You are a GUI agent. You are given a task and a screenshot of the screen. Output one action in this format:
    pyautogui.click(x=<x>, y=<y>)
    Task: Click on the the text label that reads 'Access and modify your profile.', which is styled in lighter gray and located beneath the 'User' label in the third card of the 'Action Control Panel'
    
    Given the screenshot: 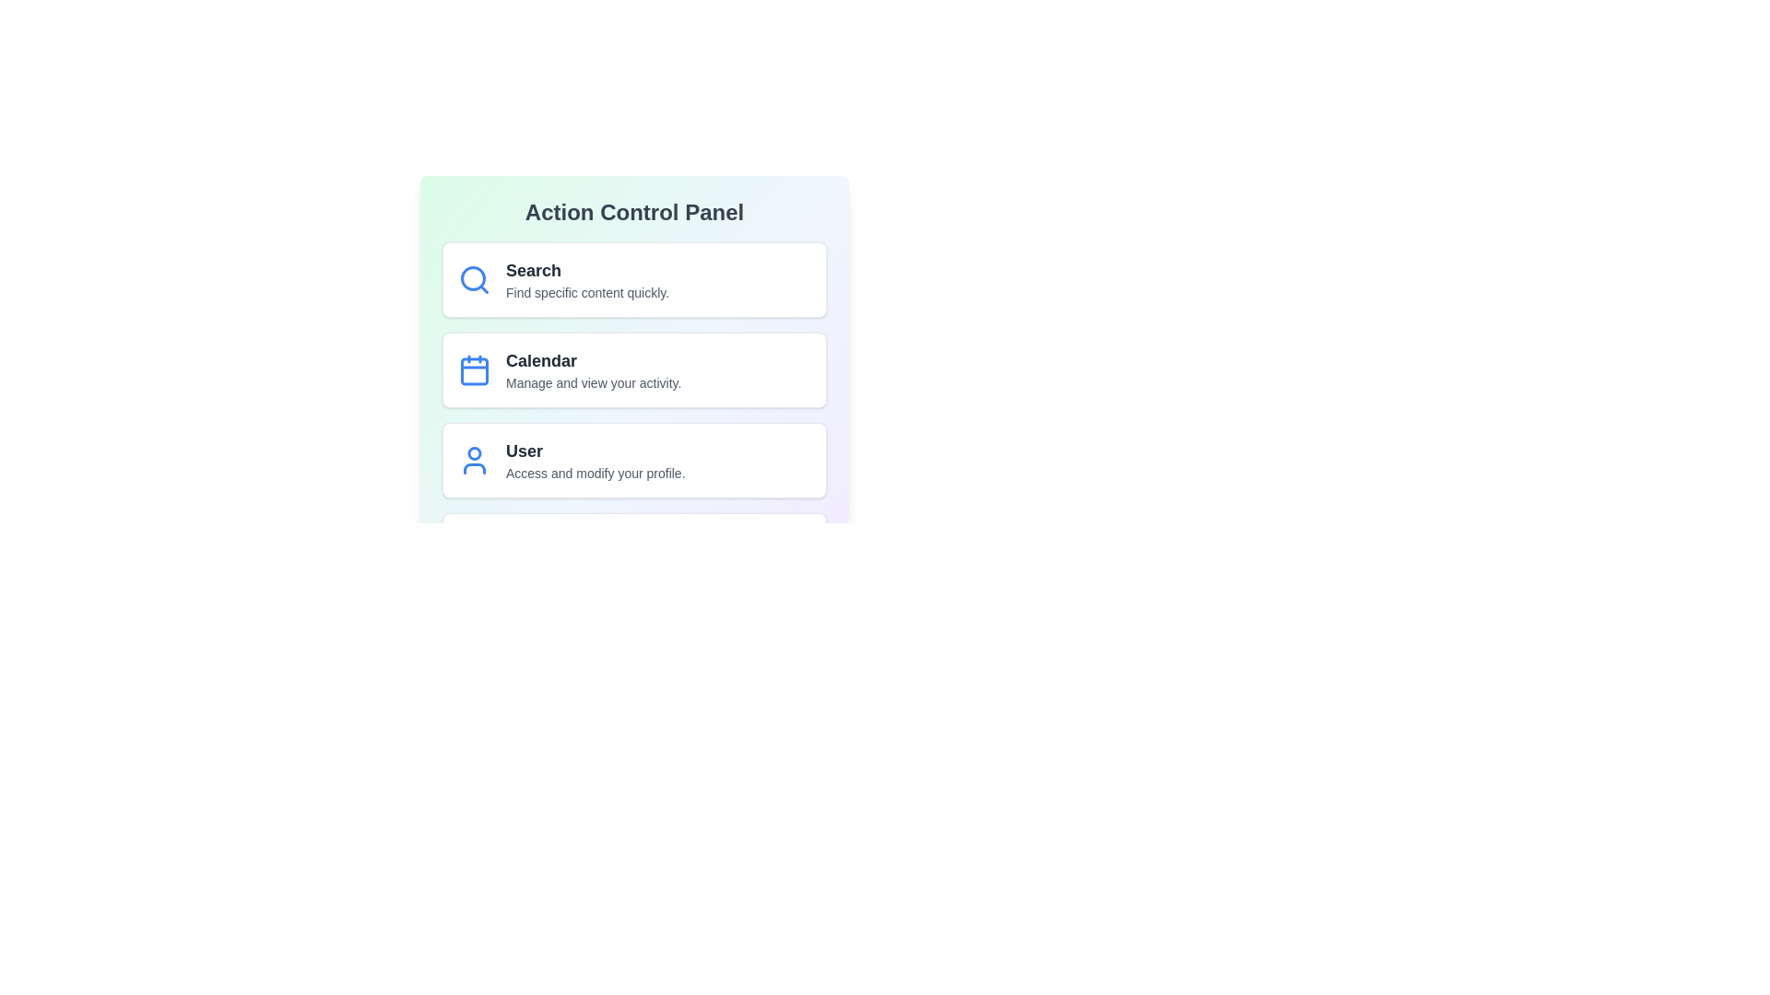 What is the action you would take?
    pyautogui.click(x=596, y=472)
    